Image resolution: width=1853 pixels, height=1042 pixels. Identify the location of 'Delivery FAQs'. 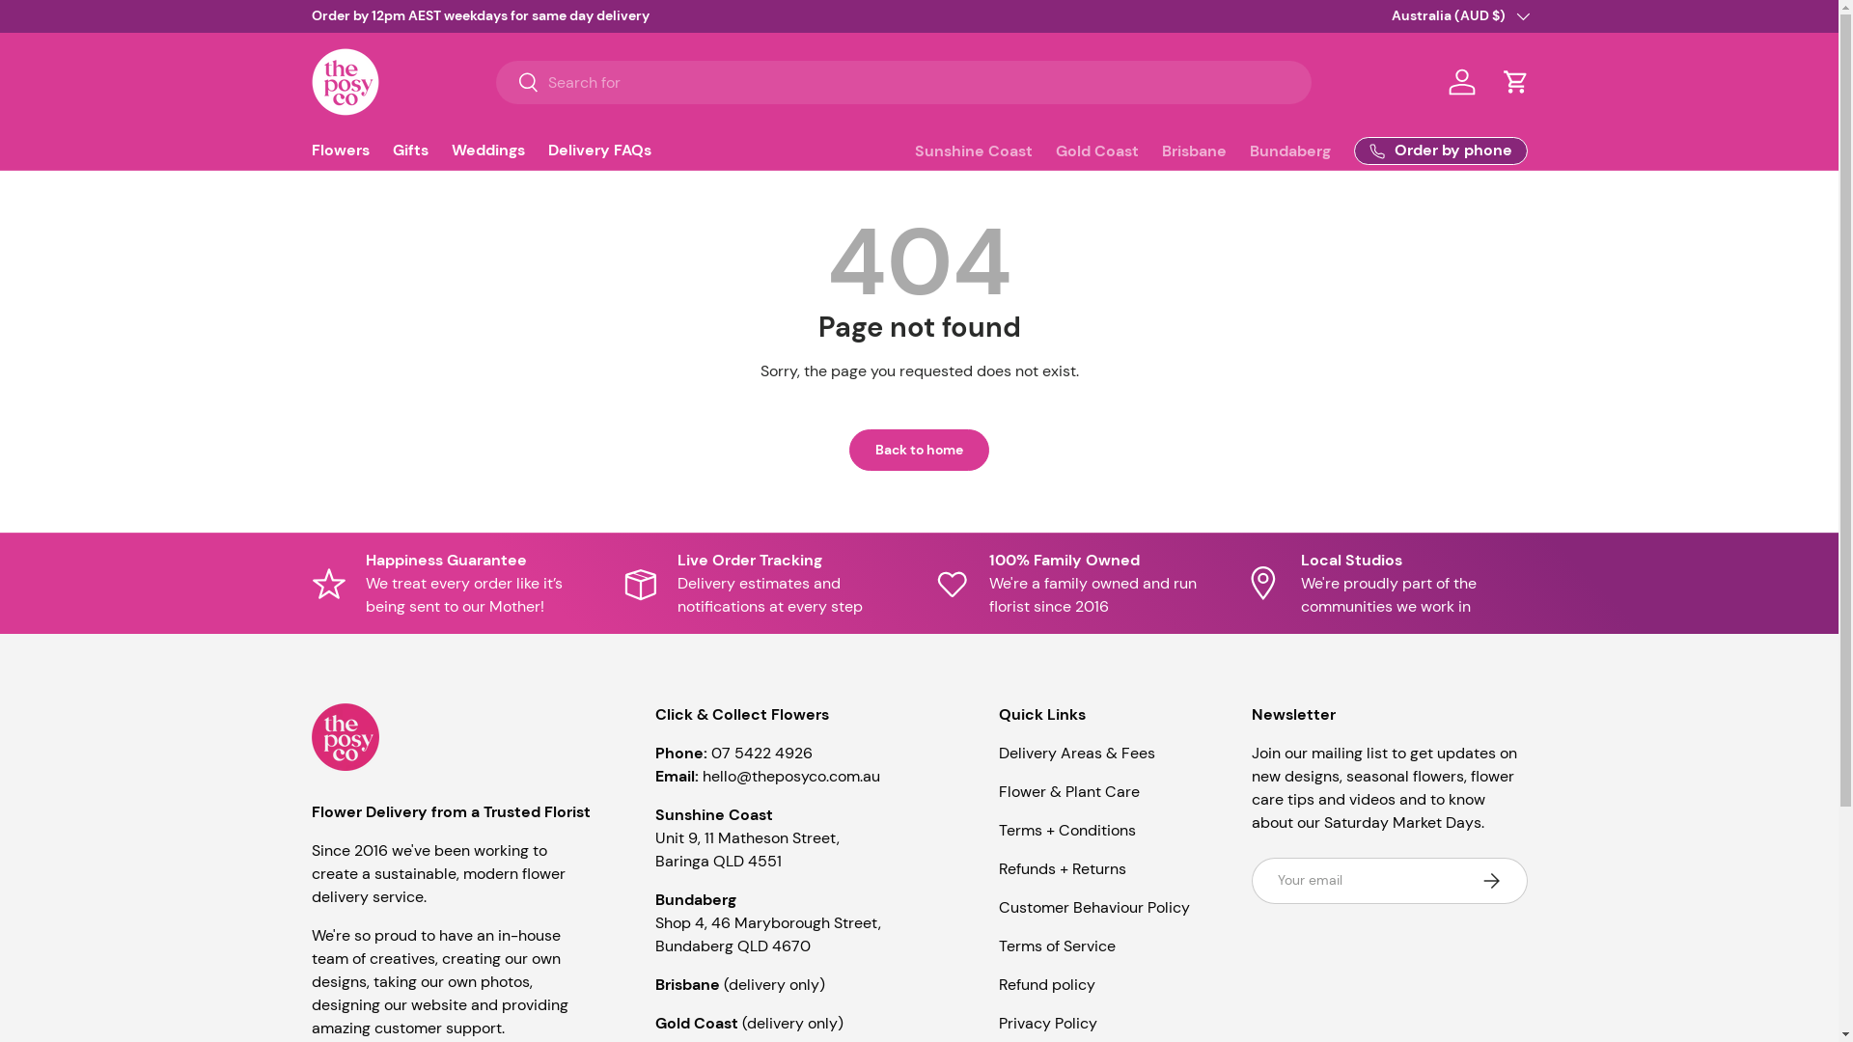
(598, 149).